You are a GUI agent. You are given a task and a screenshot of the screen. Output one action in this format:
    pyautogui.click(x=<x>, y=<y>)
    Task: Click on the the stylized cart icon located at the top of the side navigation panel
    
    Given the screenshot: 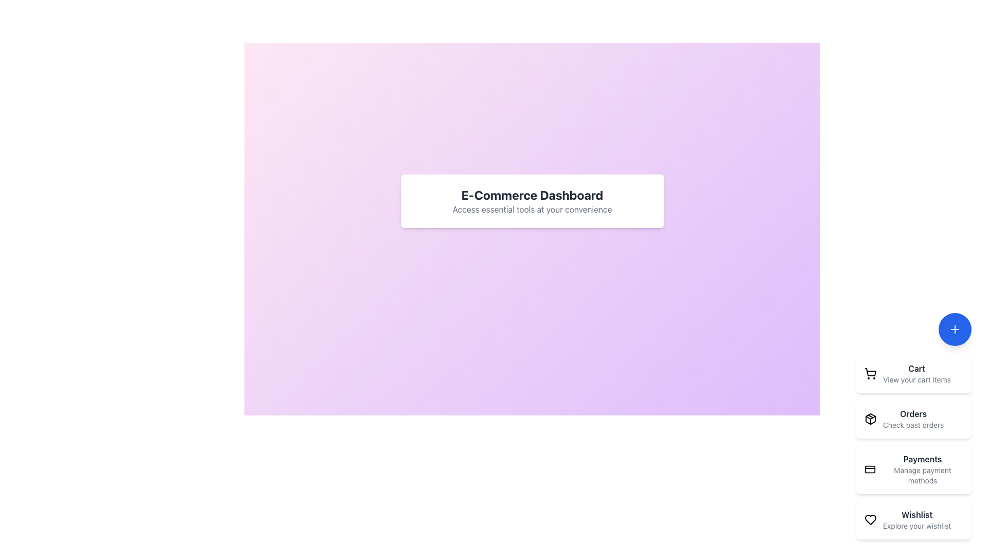 What is the action you would take?
    pyautogui.click(x=870, y=372)
    